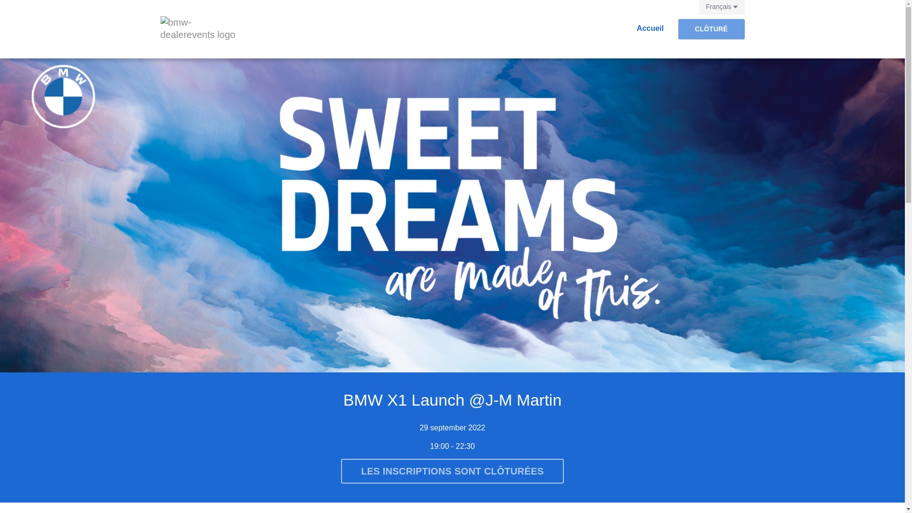  Describe the element at coordinates (650, 24) in the screenshot. I see `'Accueil'` at that location.